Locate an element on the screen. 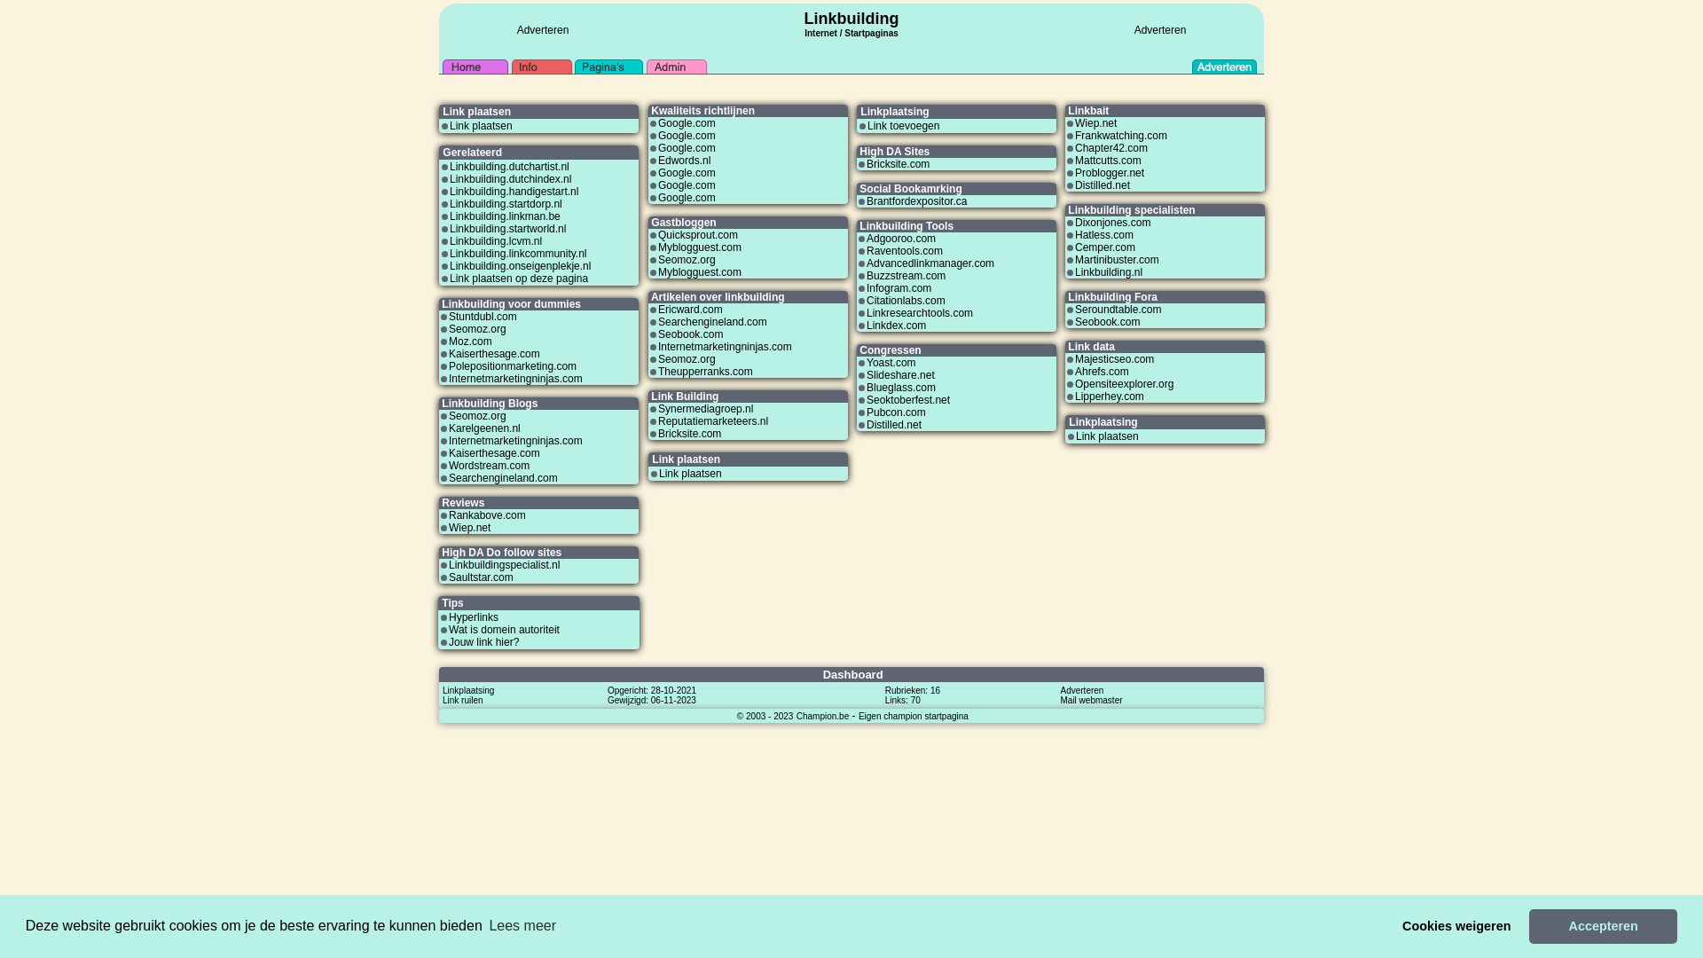  'Linkbuilding.dutchindex.nl' is located at coordinates (509, 178).